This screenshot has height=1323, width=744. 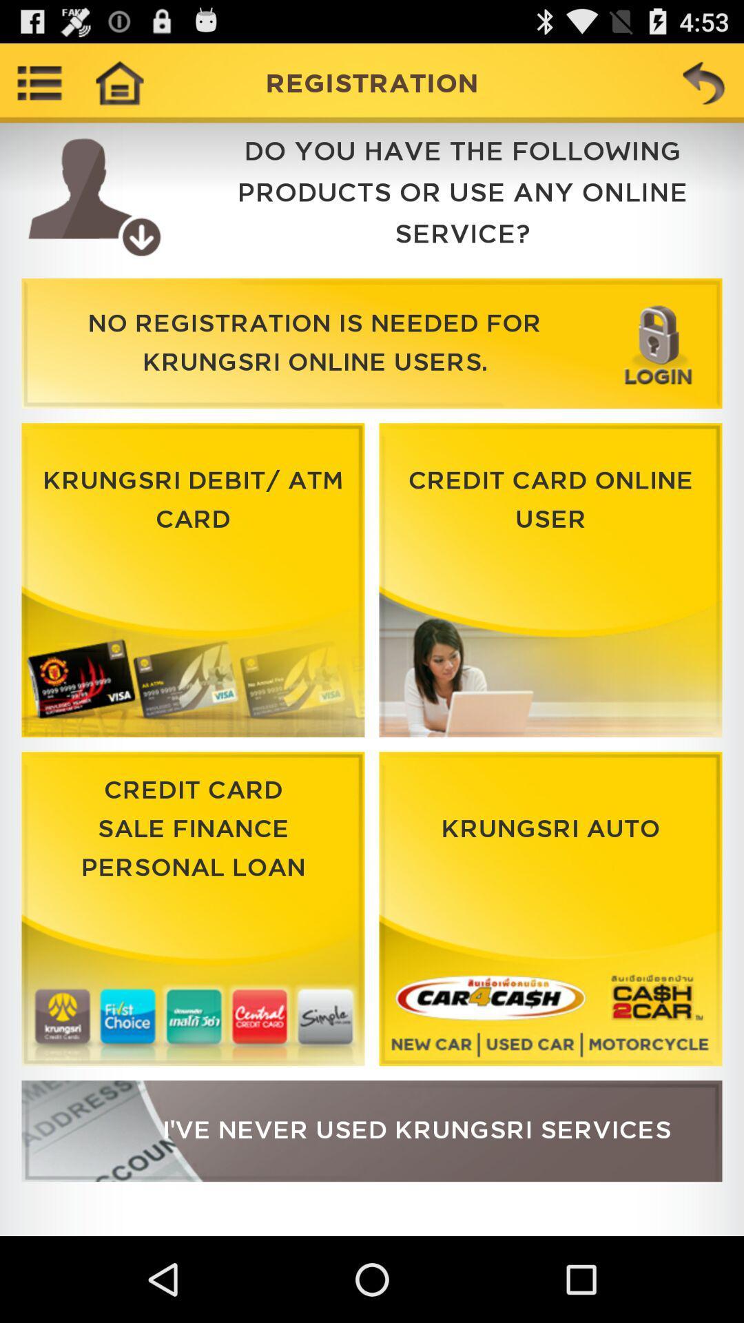 What do you see at coordinates (193, 580) in the screenshot?
I see `atm card/ debit card` at bounding box center [193, 580].